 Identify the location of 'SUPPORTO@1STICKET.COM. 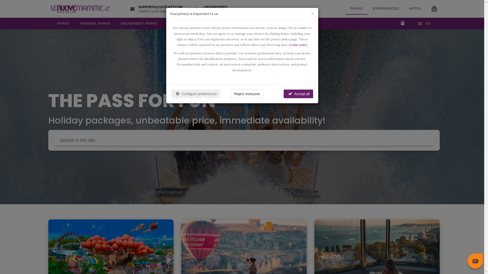
(127, 9).